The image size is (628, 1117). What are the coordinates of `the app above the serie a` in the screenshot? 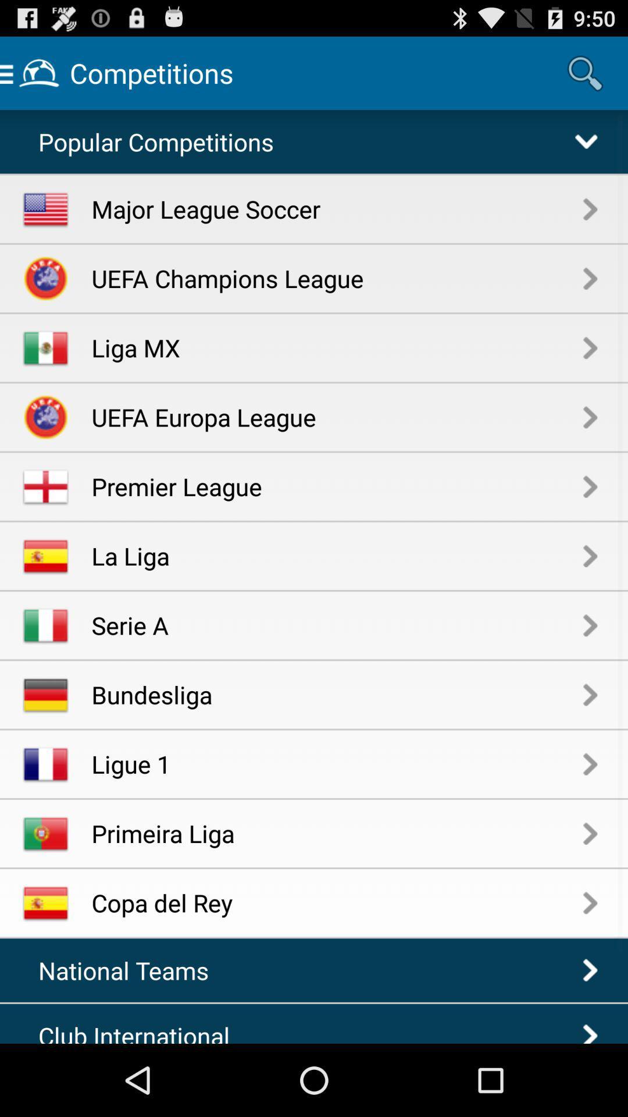 It's located at (337, 555).